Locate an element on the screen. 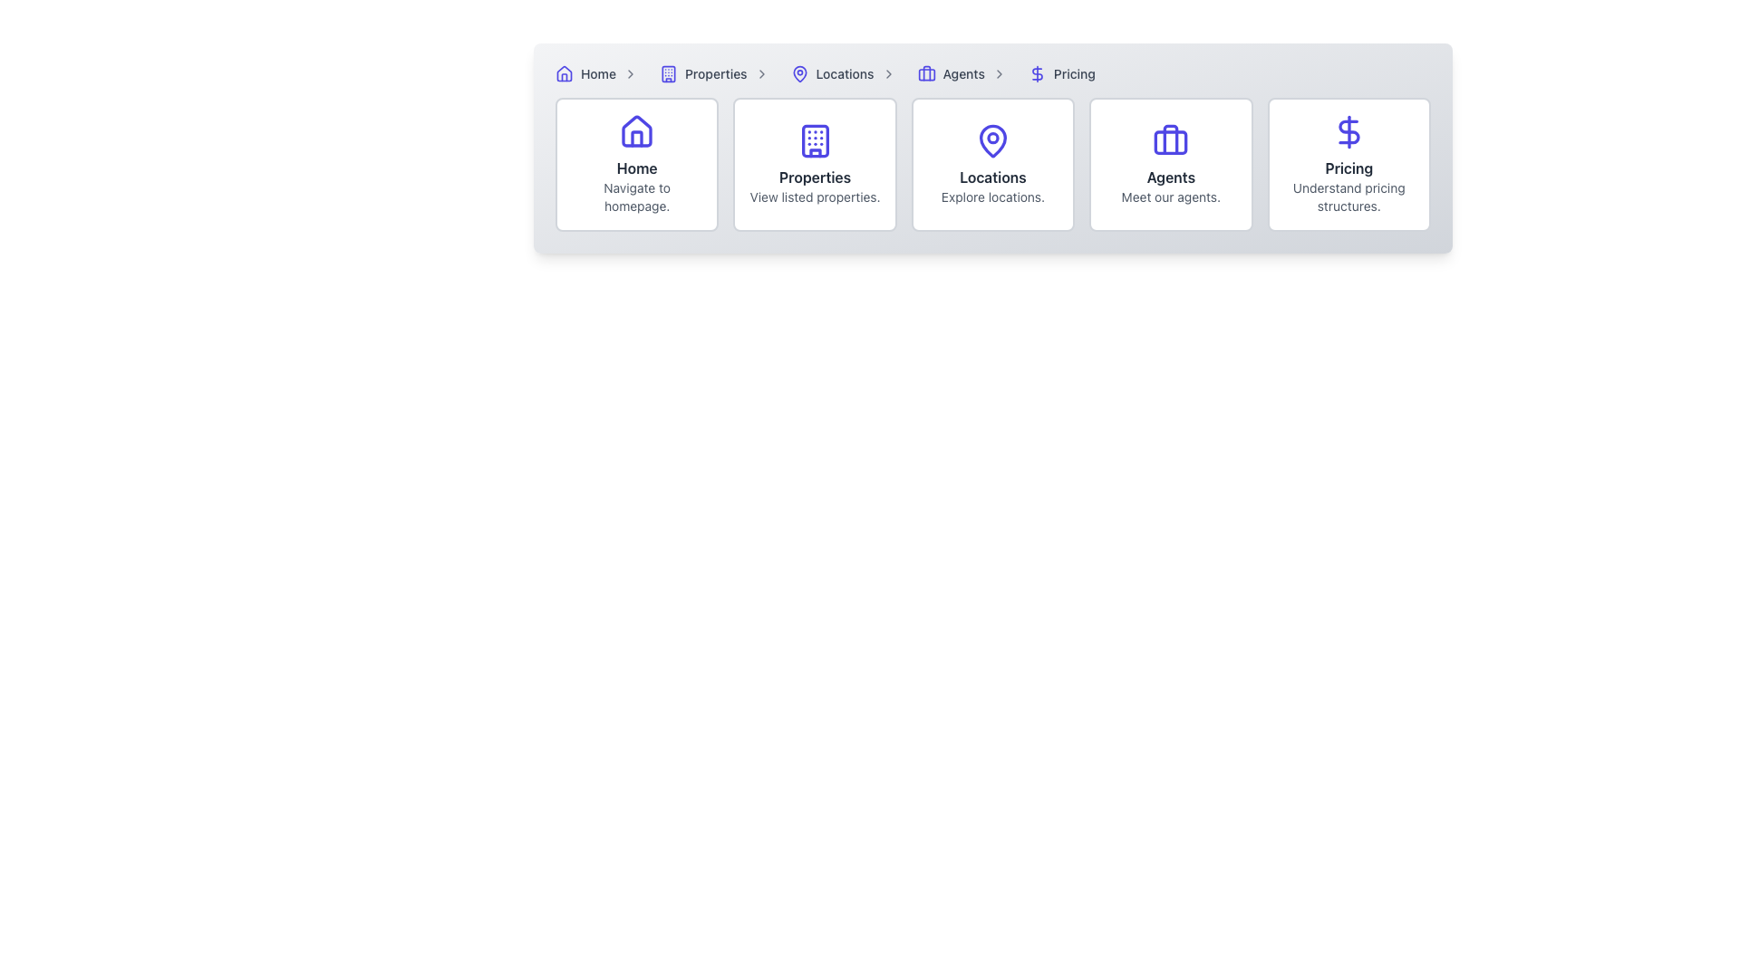 The width and height of the screenshot is (1740, 978). the bright indigo briefcase icon with a rounded handle located within the 'Agents' card in the navigation section is located at coordinates (1171, 139).